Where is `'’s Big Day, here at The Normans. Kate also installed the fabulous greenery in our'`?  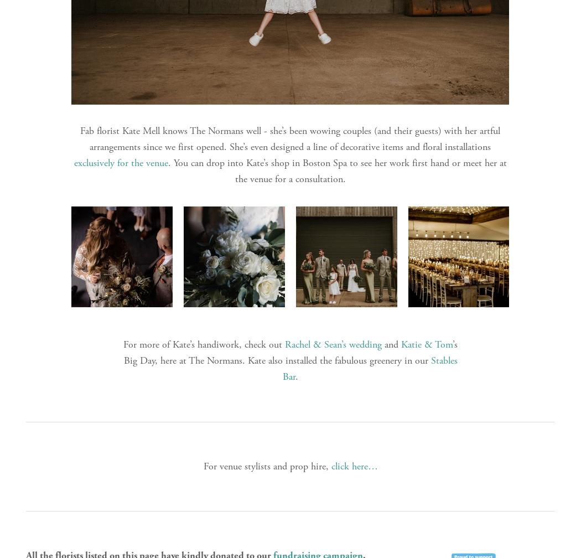
'’s Big Day, here at The Normans. Kate also installed the fabulous greenery in our' is located at coordinates (292, 352).